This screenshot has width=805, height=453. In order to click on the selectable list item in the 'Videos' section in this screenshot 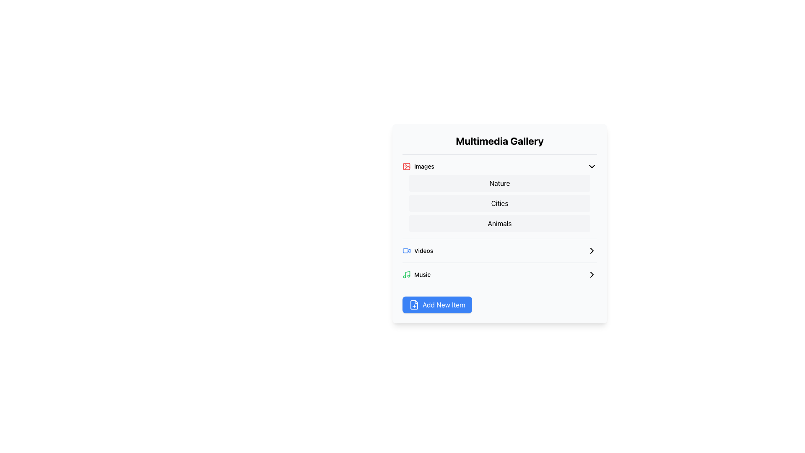, I will do `click(499, 275)`.